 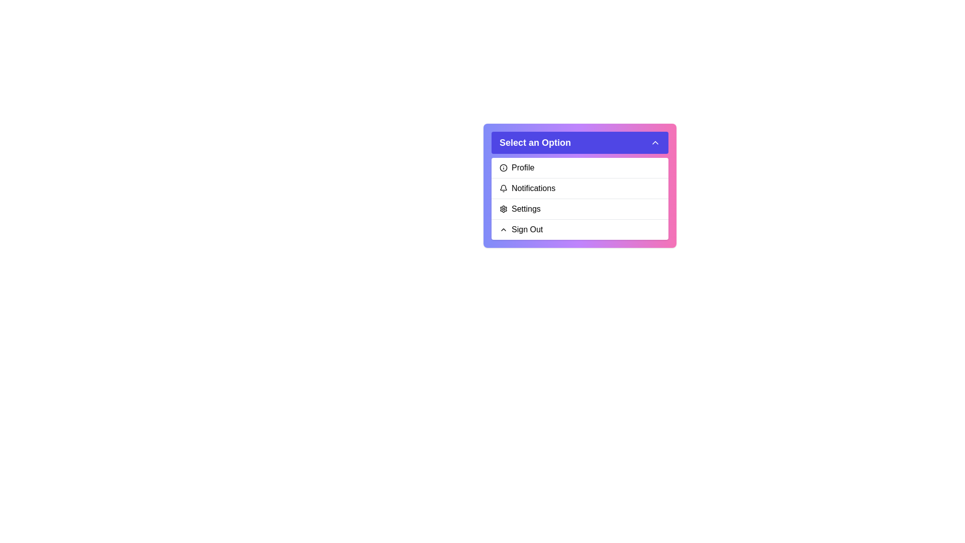 I want to click on the Settings from the dropdown menu, so click(x=580, y=208).